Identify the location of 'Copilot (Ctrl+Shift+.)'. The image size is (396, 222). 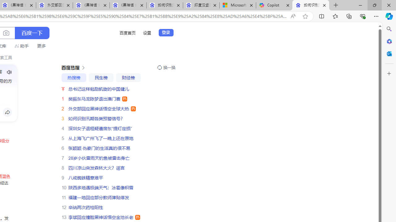
(389, 16).